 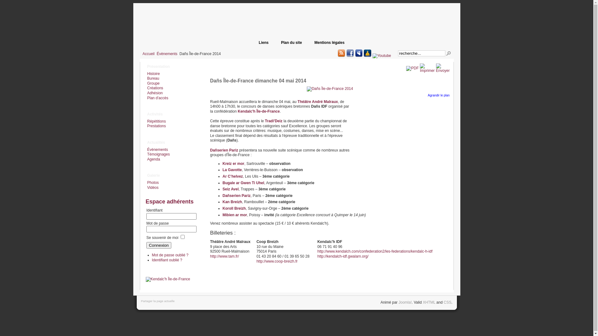 What do you see at coordinates (153, 159) in the screenshot?
I see `'Agenda'` at bounding box center [153, 159].